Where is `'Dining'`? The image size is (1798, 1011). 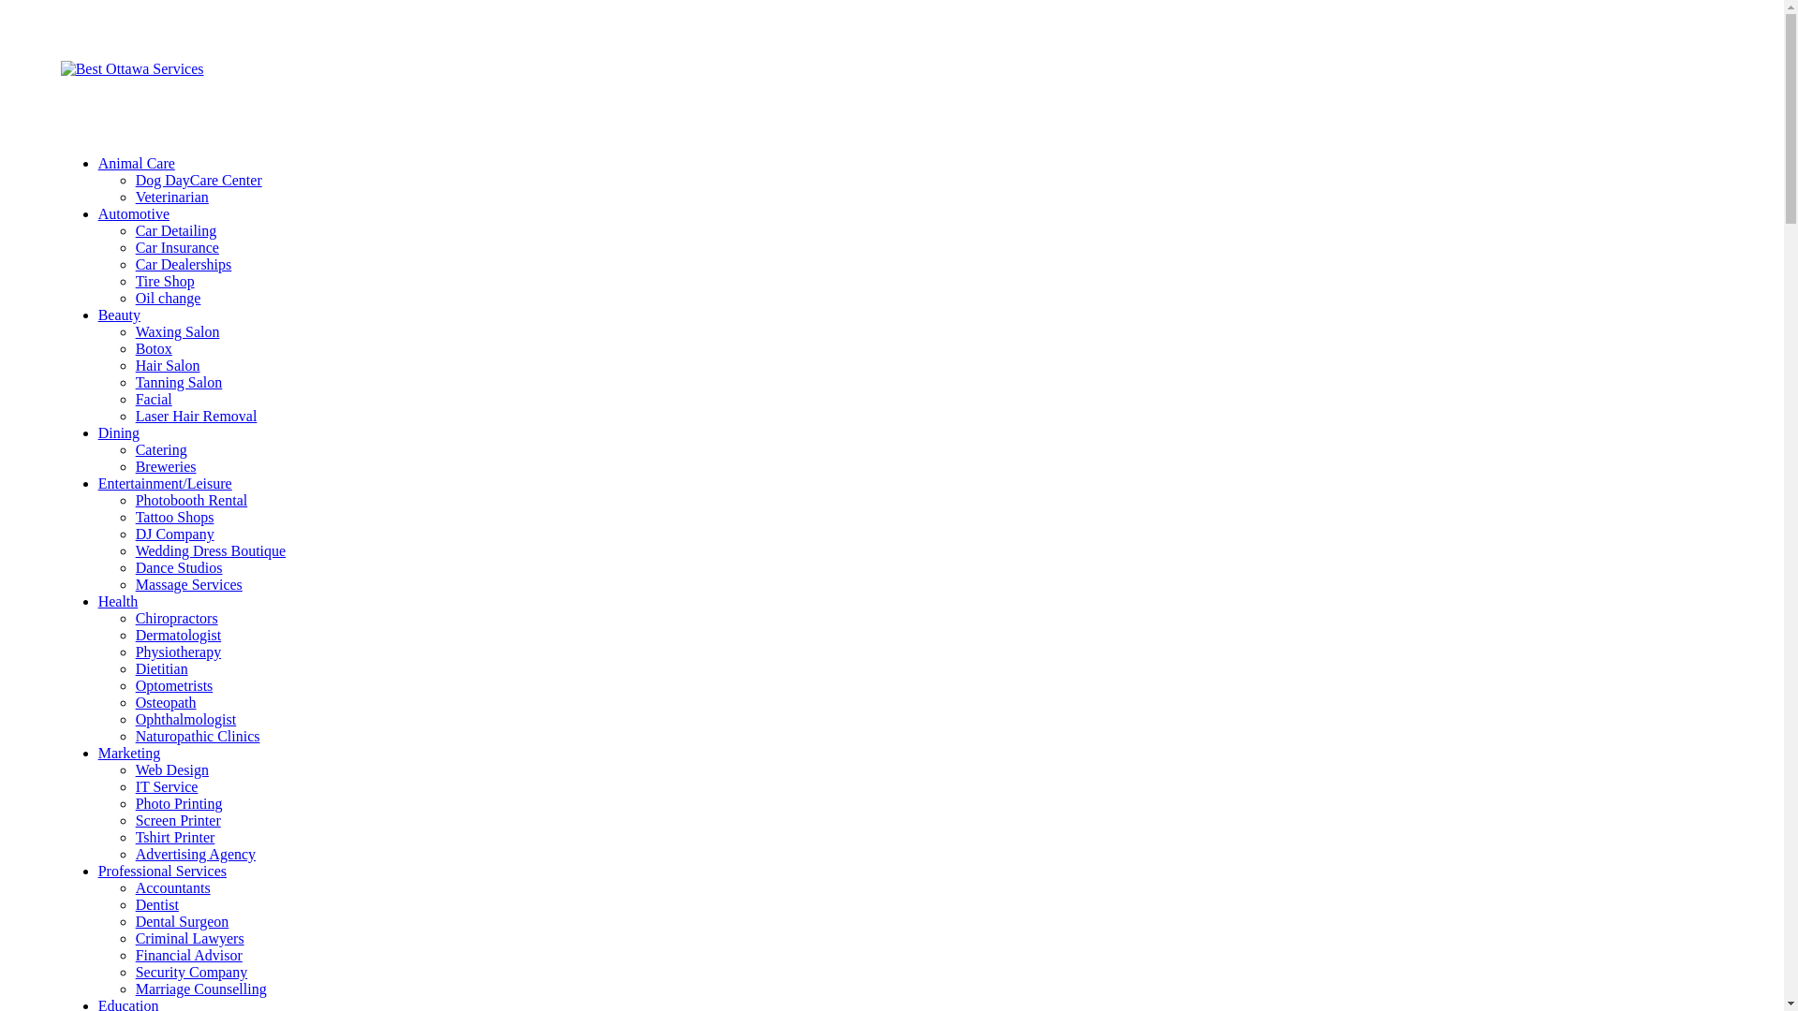
'Dining' is located at coordinates (117, 432).